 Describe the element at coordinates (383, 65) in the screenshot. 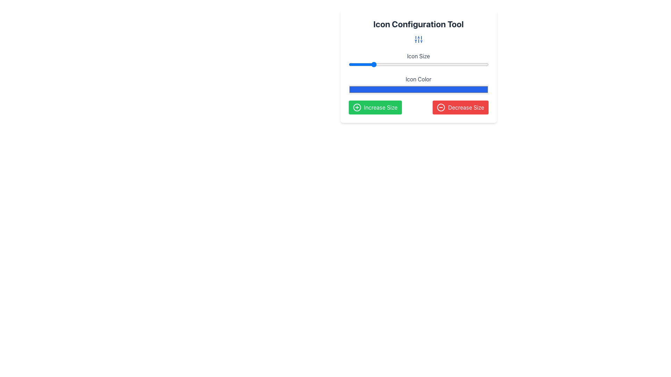

I see `the icon size` at that location.